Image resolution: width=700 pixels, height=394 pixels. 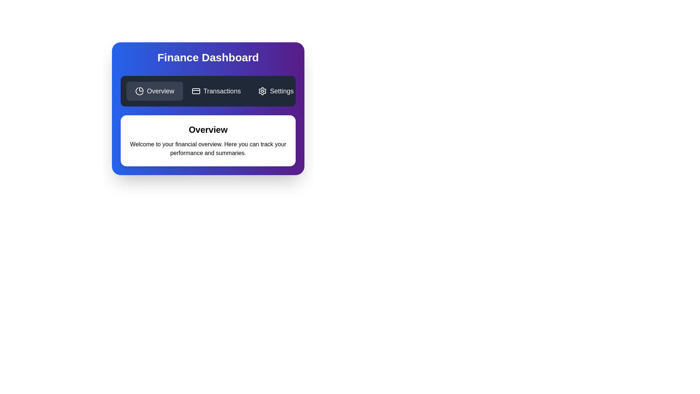 I want to click on the 'Overview' icon, which is the leftmost icon in the navigation bar at the top of the interface, so click(x=140, y=91).